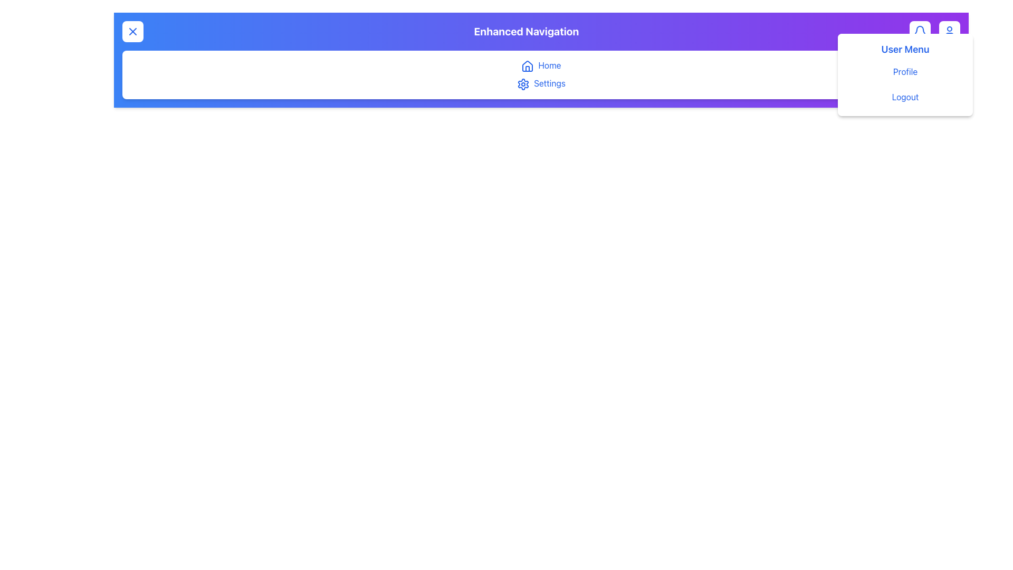  I want to click on the blue house icon located to the left of the 'Home' text in the top navigation bar, so click(527, 65).